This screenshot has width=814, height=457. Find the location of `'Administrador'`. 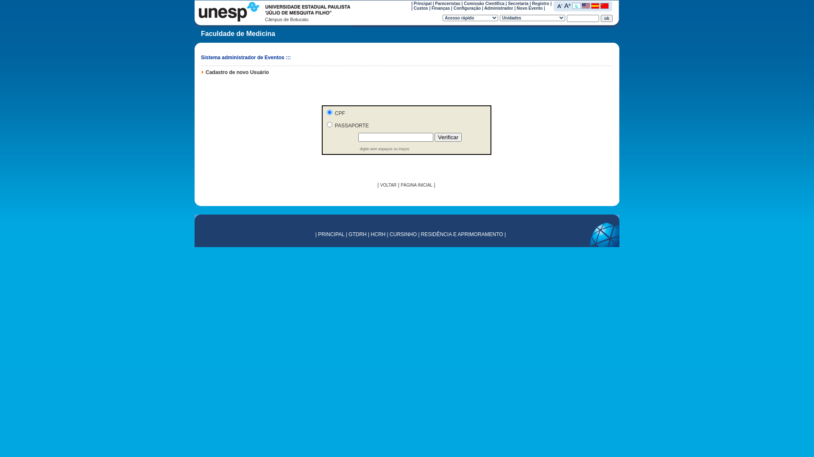

'Administrador' is located at coordinates (499, 8).